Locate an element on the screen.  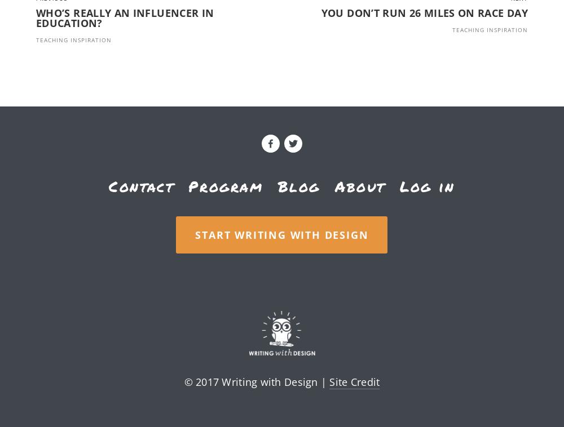
'Program' is located at coordinates (226, 186).